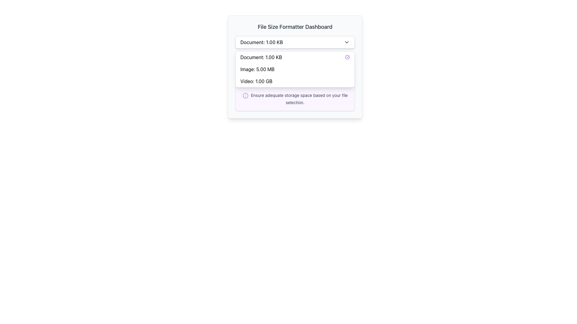 This screenshot has width=577, height=324. What do you see at coordinates (256, 81) in the screenshot?
I see `textual content of the third option in the dropdown menu of the 'File Size Formatter Dashboard', which provides information about a video file's size` at bounding box center [256, 81].